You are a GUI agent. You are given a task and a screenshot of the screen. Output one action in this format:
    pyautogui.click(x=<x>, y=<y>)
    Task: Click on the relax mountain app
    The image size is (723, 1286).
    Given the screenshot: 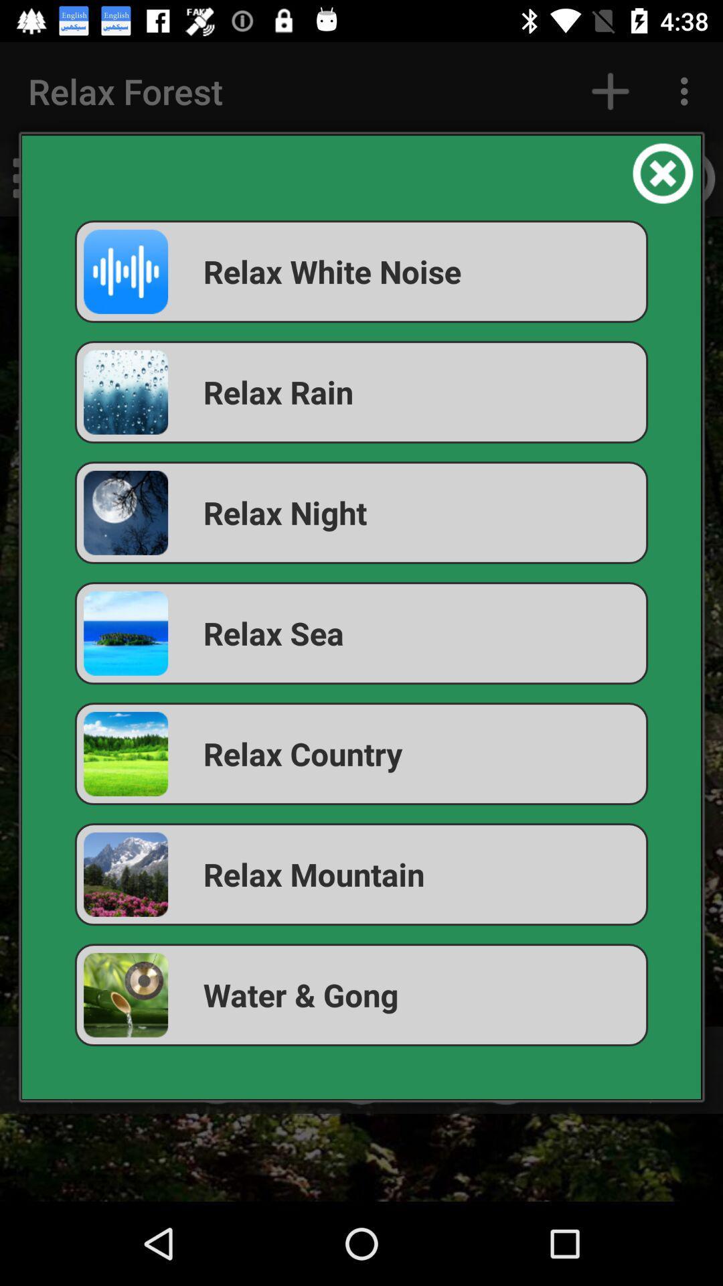 What is the action you would take?
    pyautogui.click(x=361, y=874)
    